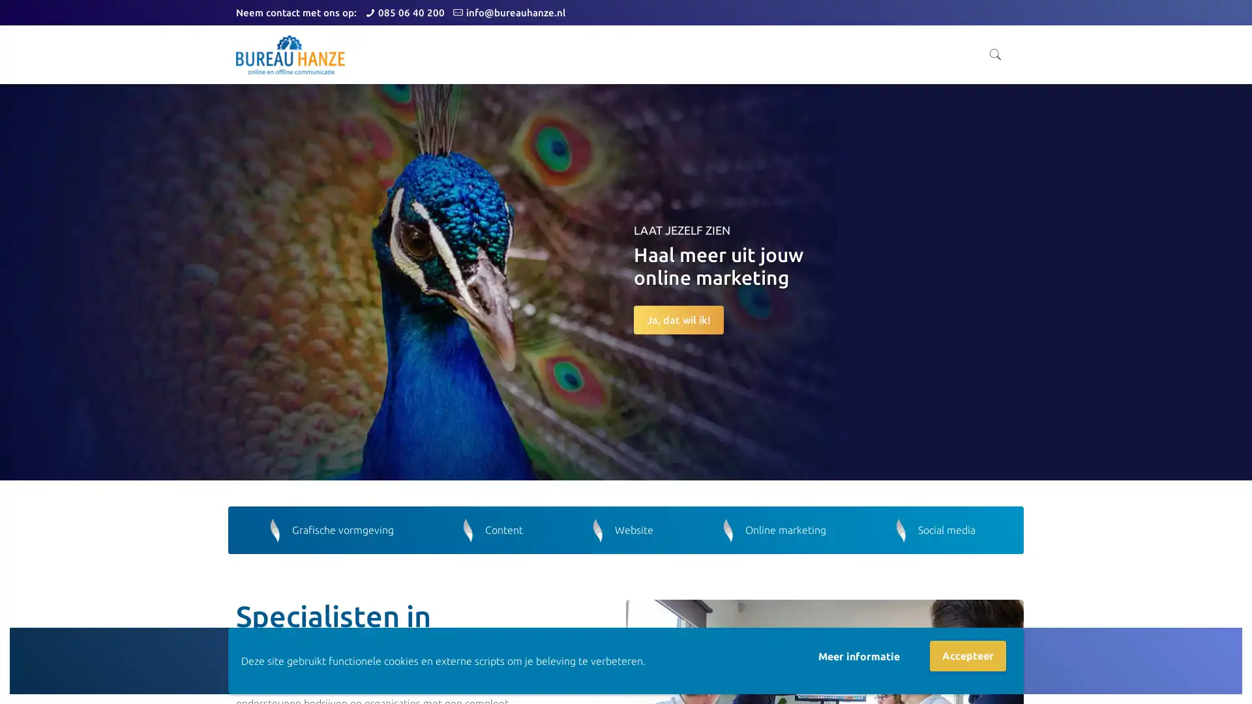  Describe the element at coordinates (968, 656) in the screenshot. I see `Accepteer` at that location.